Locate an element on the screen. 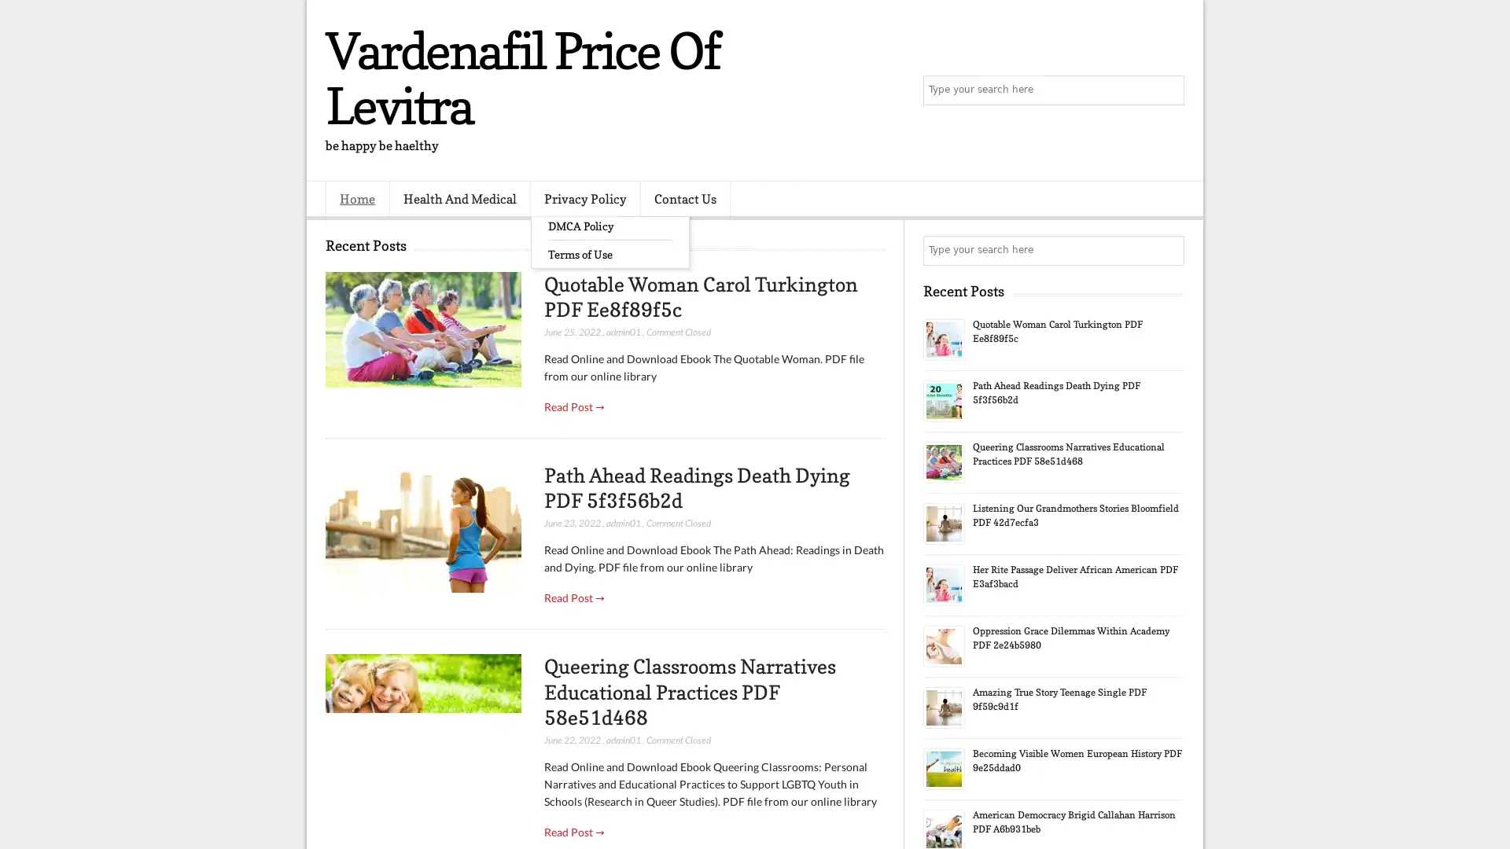 The height and width of the screenshot is (849, 1510). Search is located at coordinates (1168, 90).